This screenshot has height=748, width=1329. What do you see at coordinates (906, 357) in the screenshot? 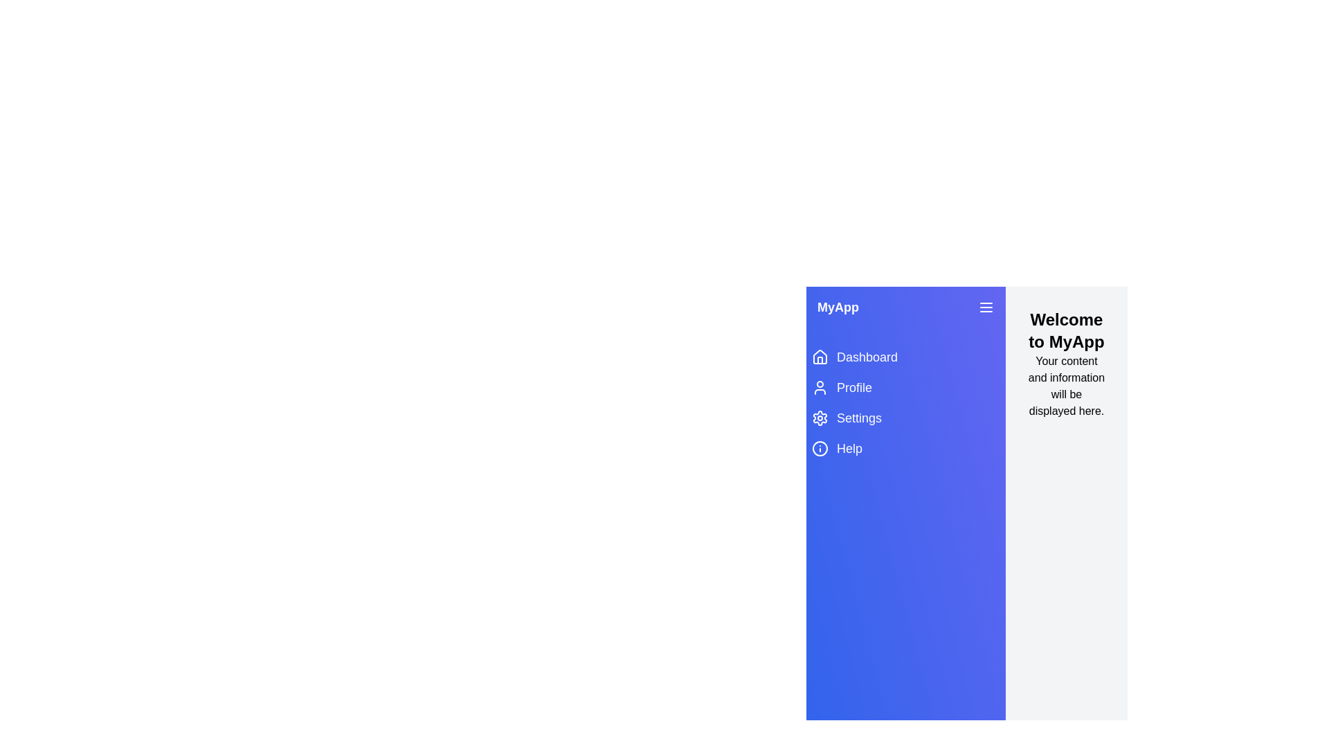
I see `the menu item labeled Dashboard` at bounding box center [906, 357].